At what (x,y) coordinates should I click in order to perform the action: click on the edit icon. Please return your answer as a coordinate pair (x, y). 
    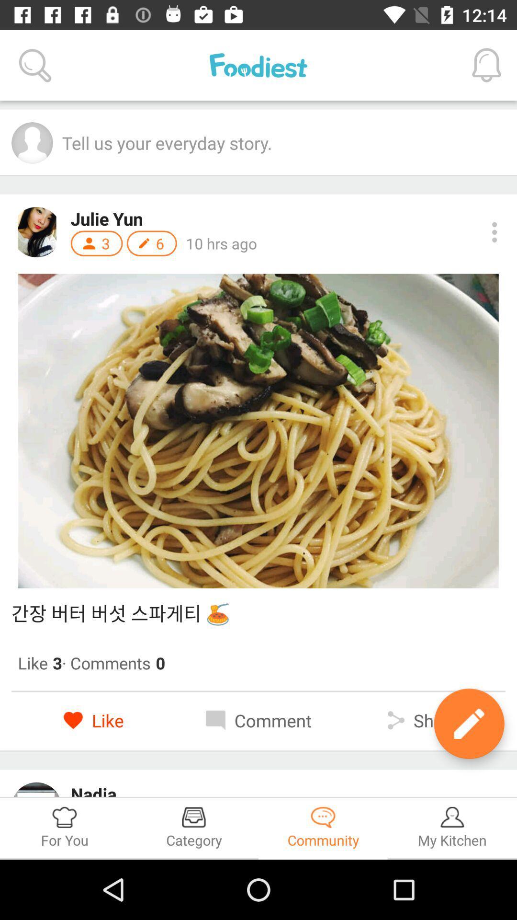
    Looking at the image, I should click on (469, 724).